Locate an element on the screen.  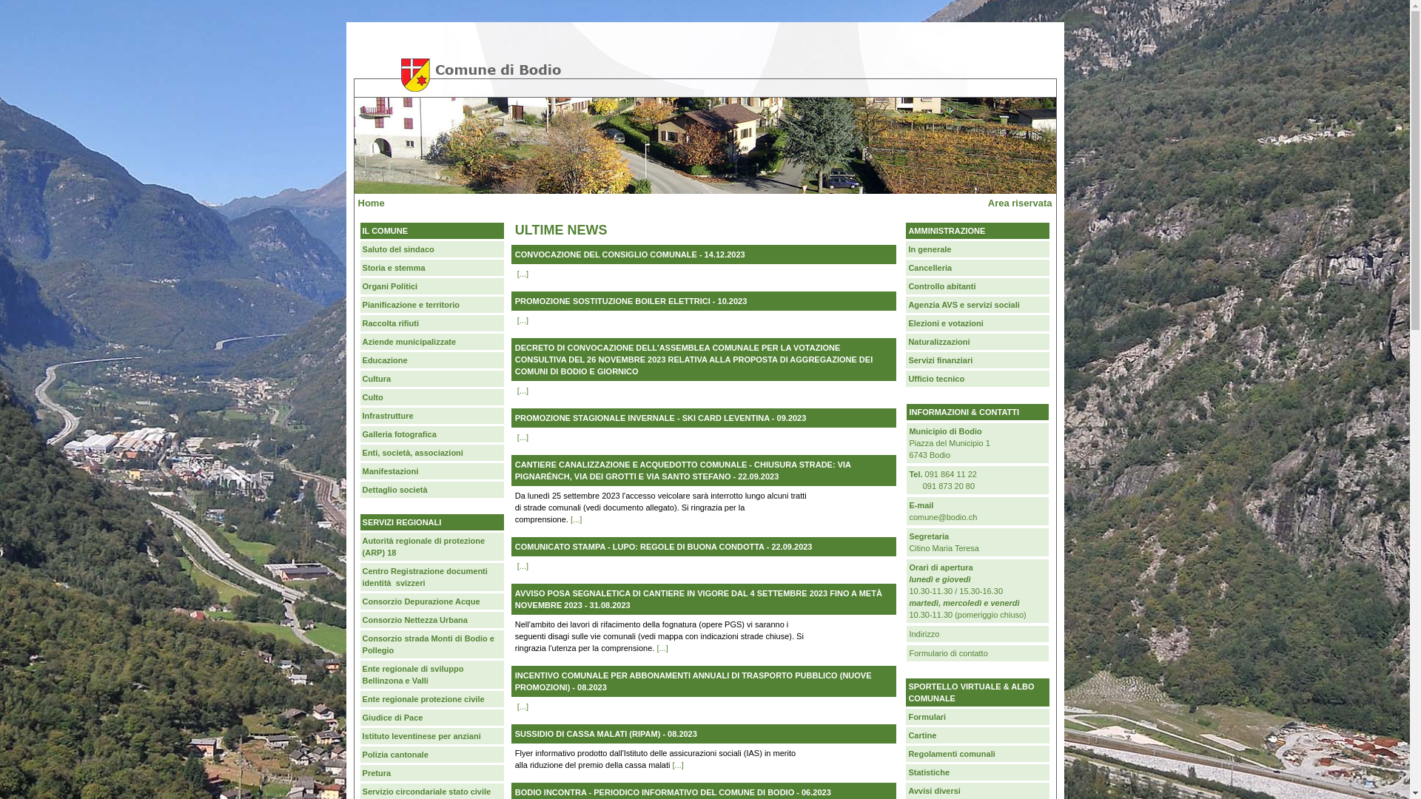
'Home' is located at coordinates (358, 203).